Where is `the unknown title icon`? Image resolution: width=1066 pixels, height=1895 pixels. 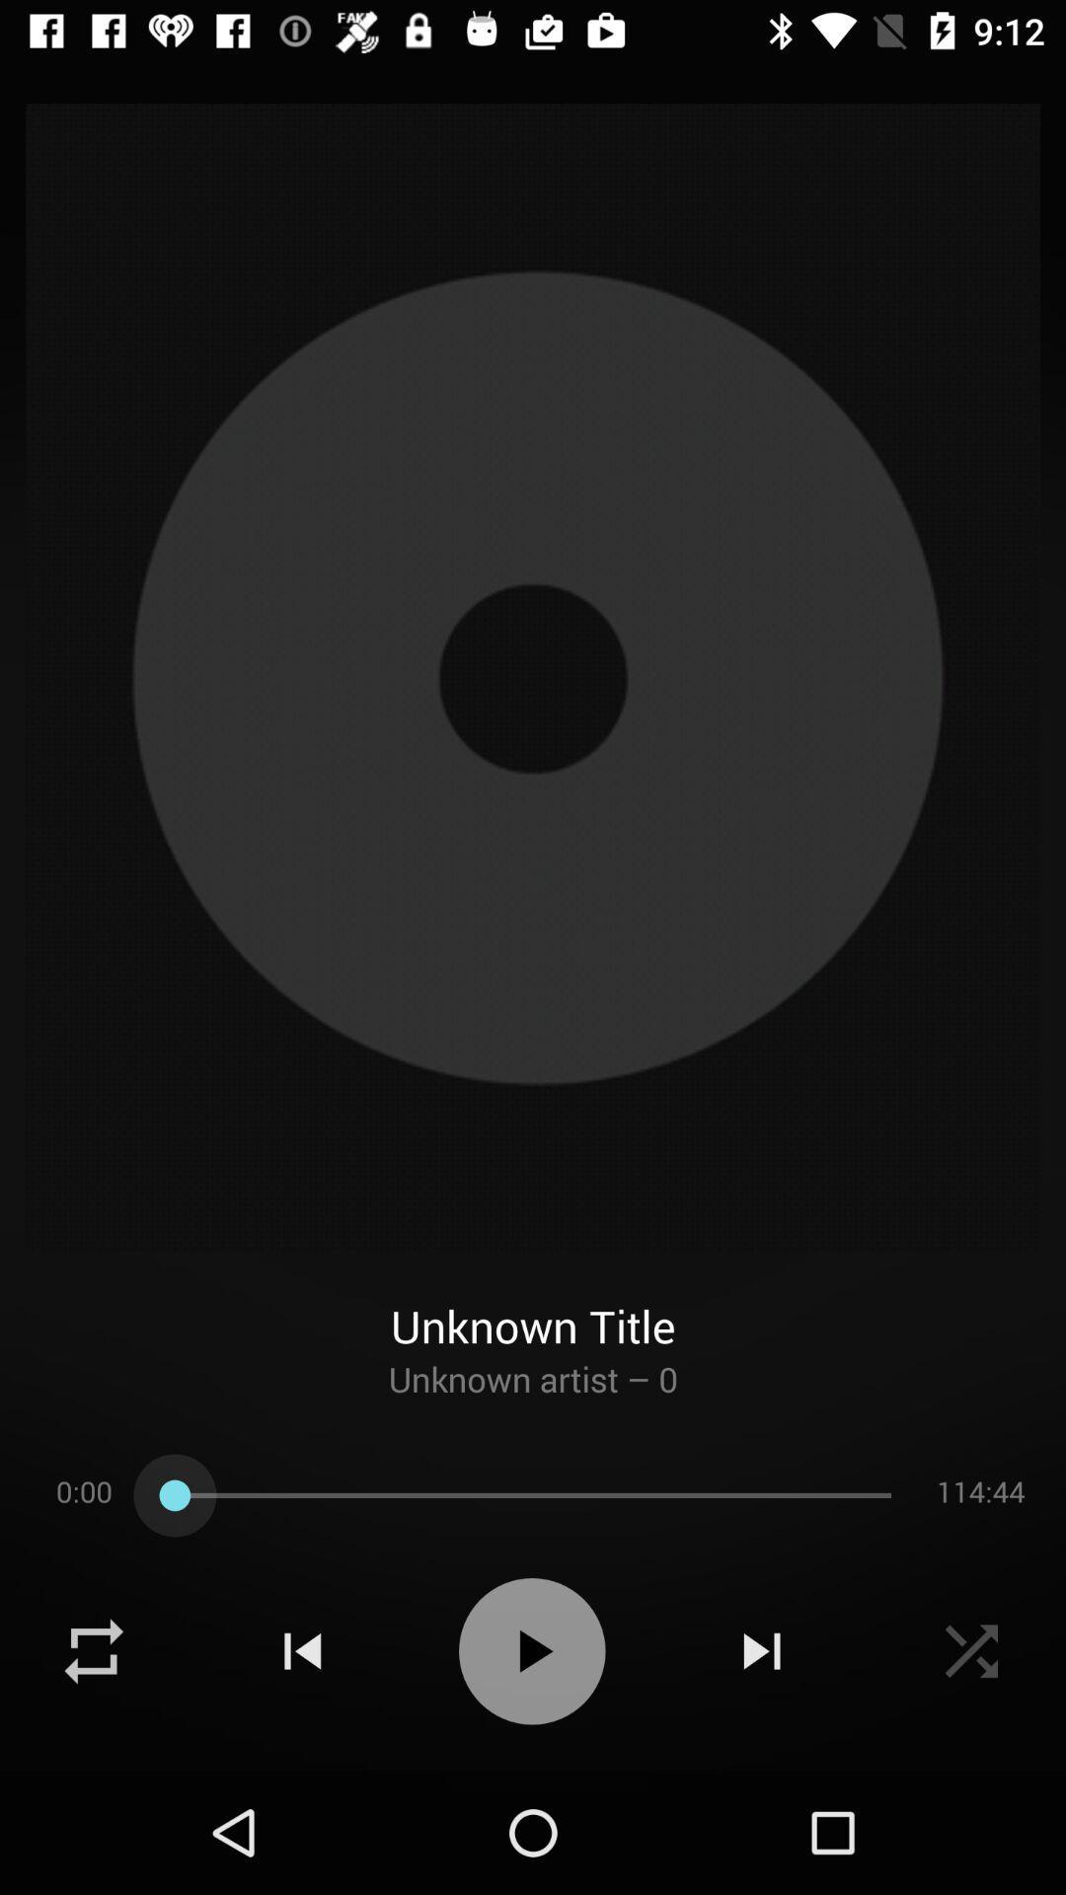
the unknown title icon is located at coordinates (533, 1304).